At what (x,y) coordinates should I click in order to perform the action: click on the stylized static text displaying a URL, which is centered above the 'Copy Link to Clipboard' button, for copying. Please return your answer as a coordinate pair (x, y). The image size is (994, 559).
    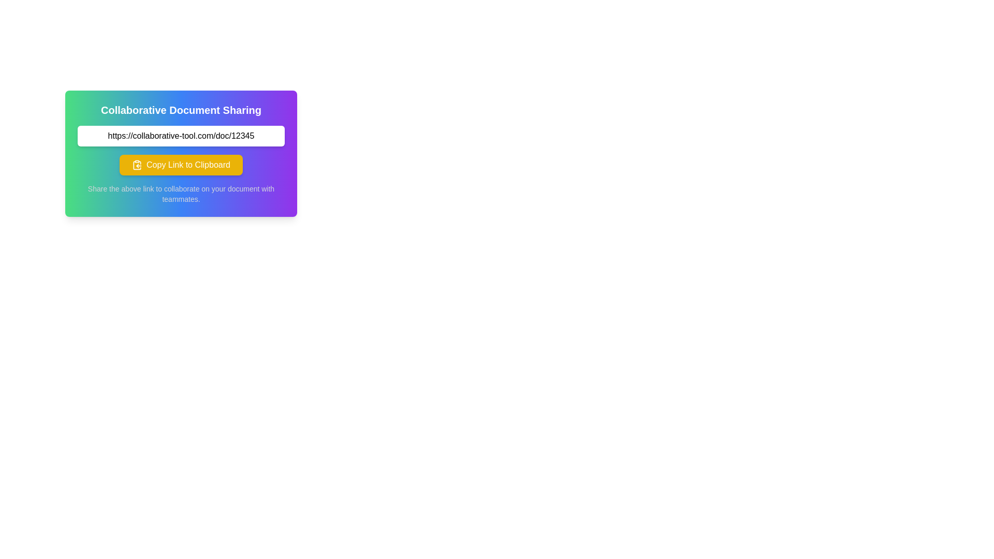
    Looking at the image, I should click on (181, 135).